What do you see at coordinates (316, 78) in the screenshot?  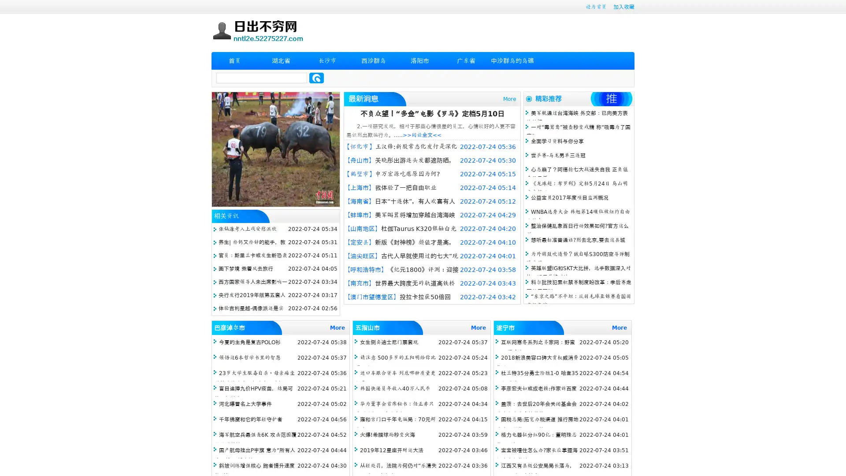 I see `Search` at bounding box center [316, 78].